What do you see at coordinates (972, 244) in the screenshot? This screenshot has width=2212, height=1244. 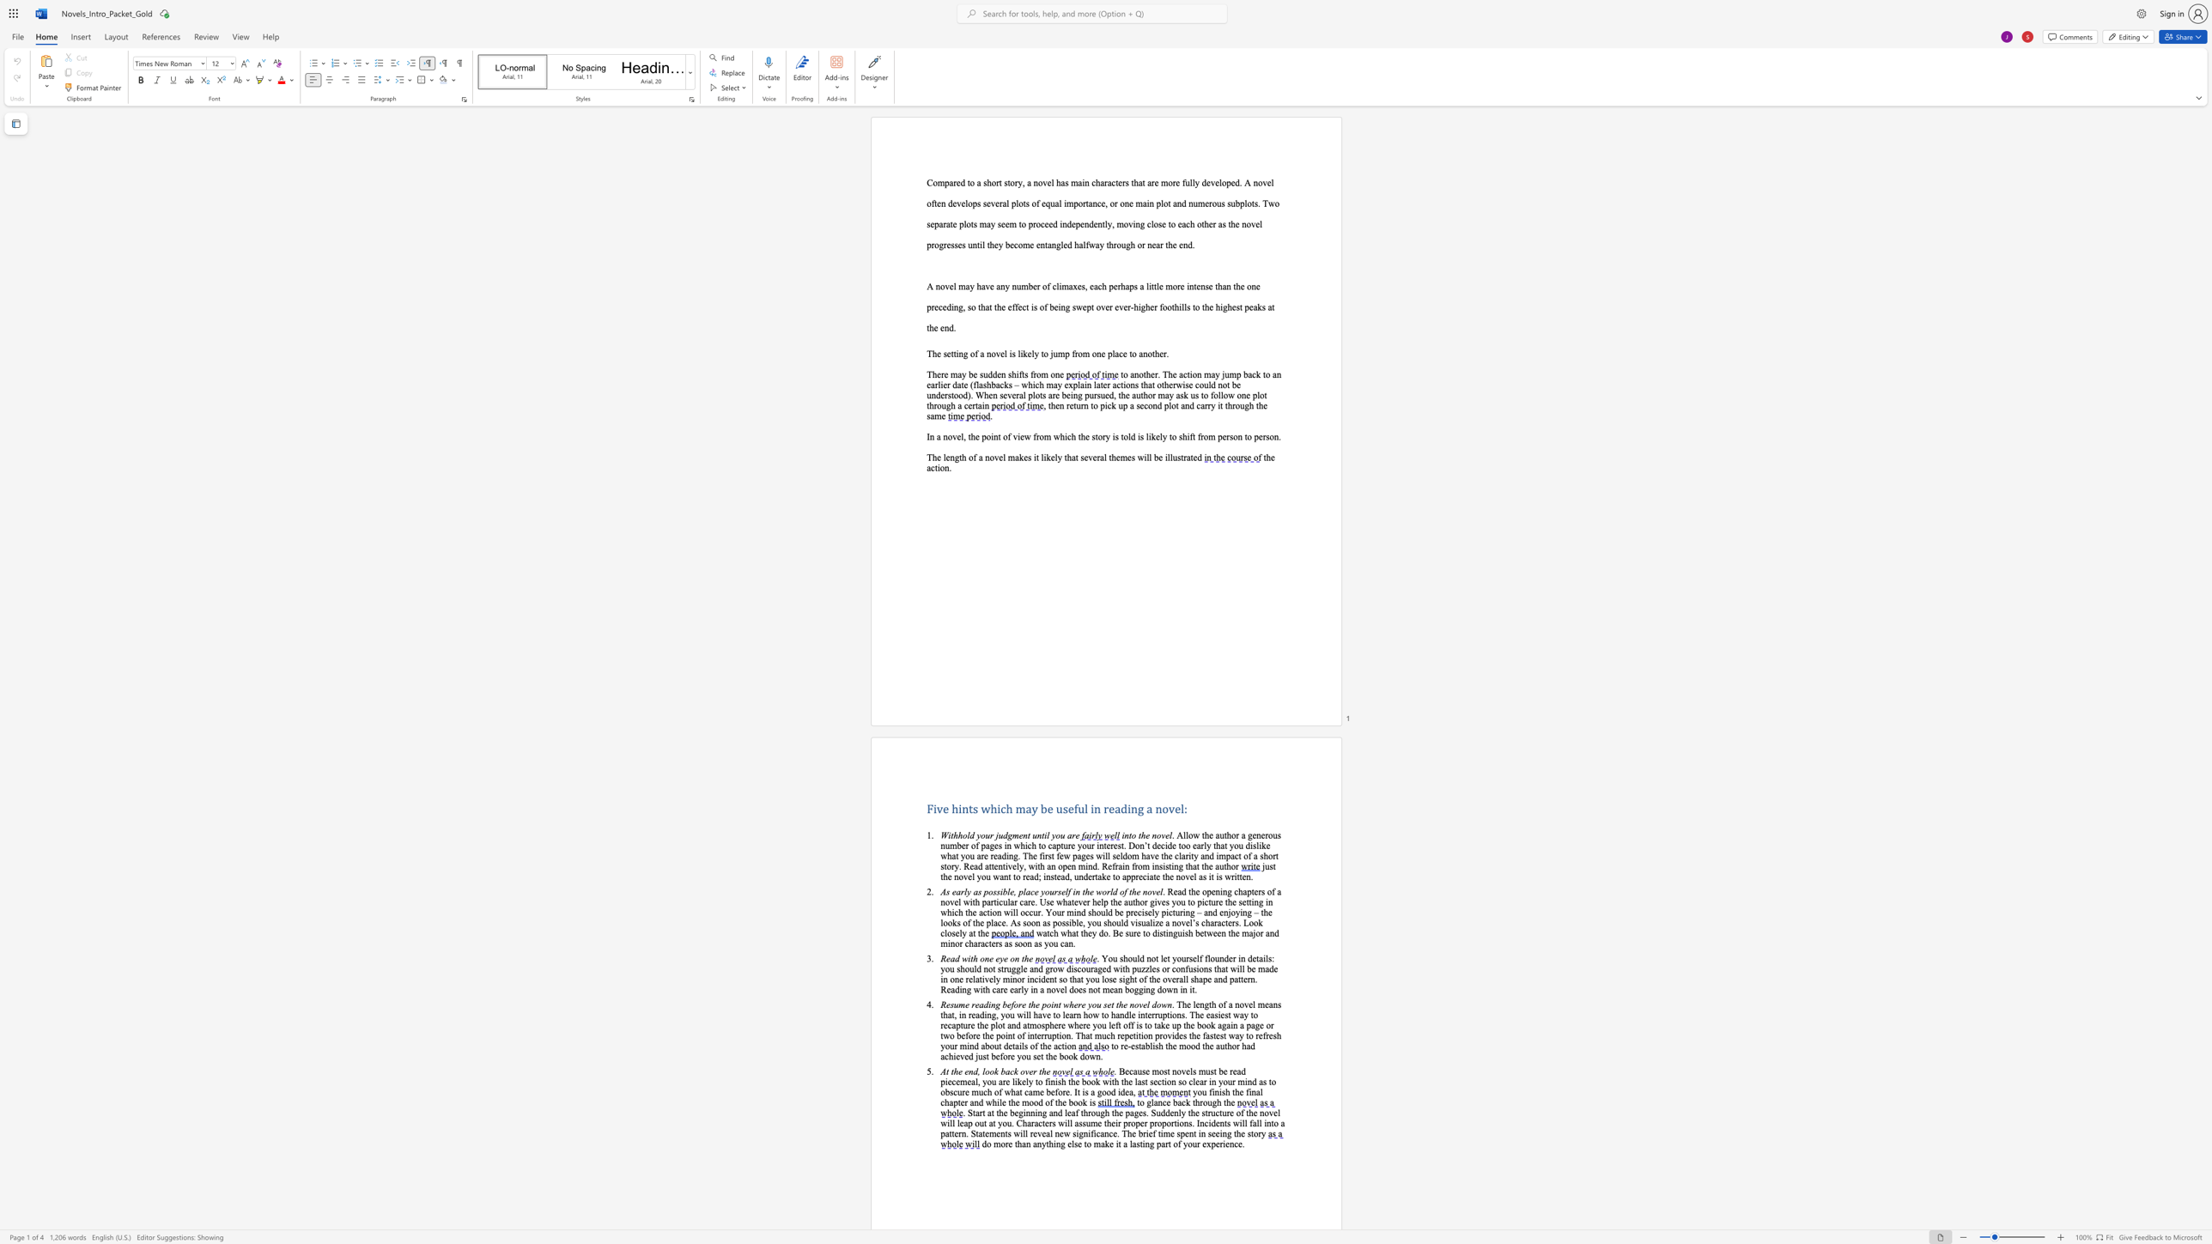 I see `the subset text "ntil they become entangle" within the text "independently, moving close to each other as the novel progresses until they become entangled halfway through or near the end."` at bounding box center [972, 244].